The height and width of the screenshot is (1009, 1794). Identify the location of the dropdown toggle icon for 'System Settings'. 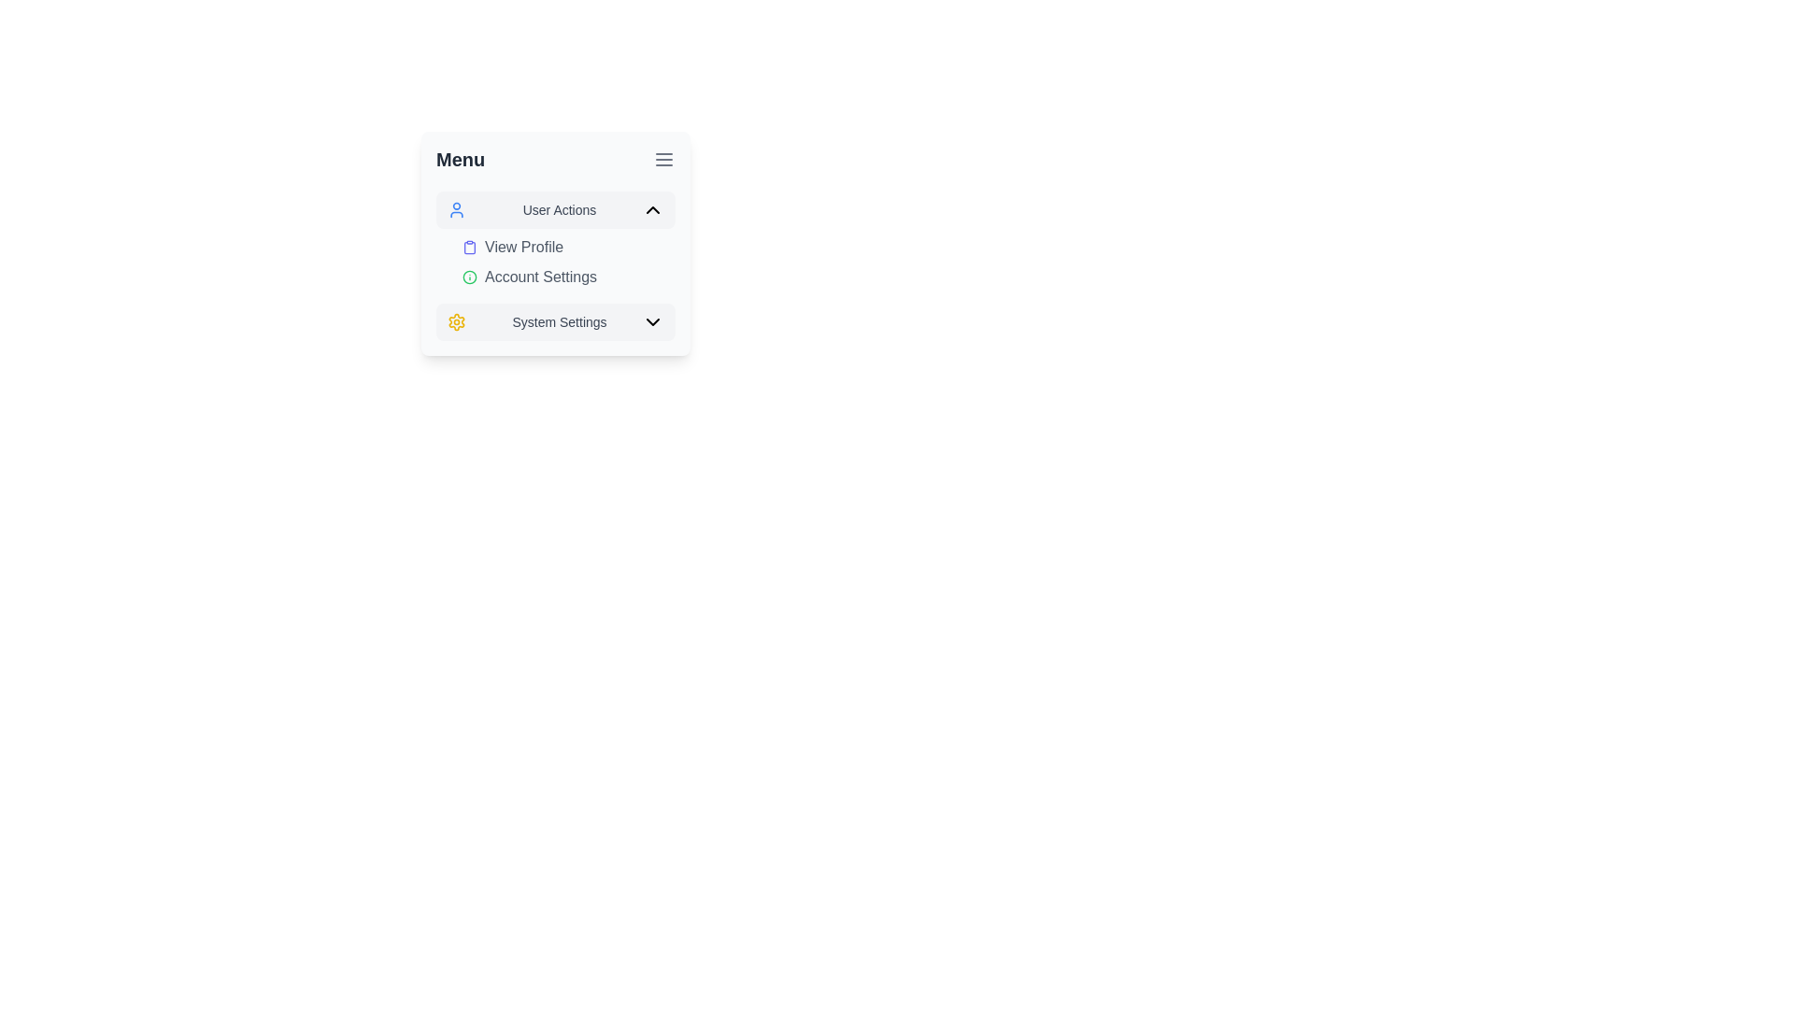
(653, 320).